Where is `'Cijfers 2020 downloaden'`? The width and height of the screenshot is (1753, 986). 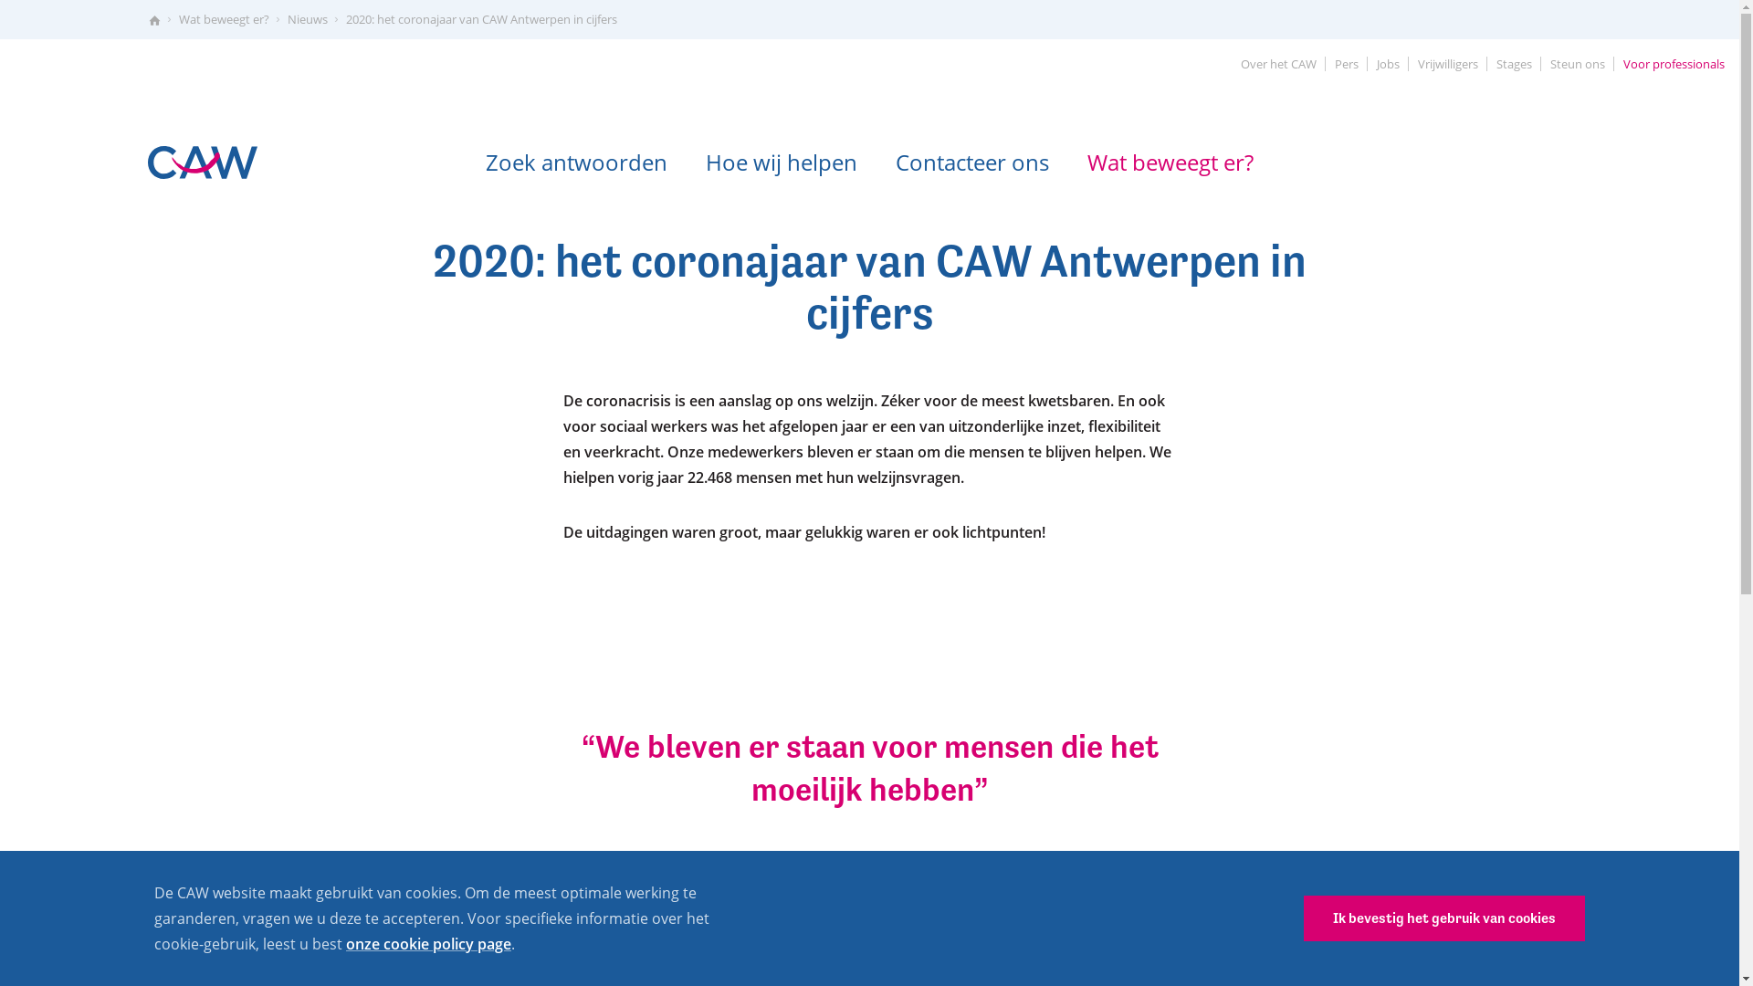
'Cijfers 2020 downloaden' is located at coordinates (640, 936).